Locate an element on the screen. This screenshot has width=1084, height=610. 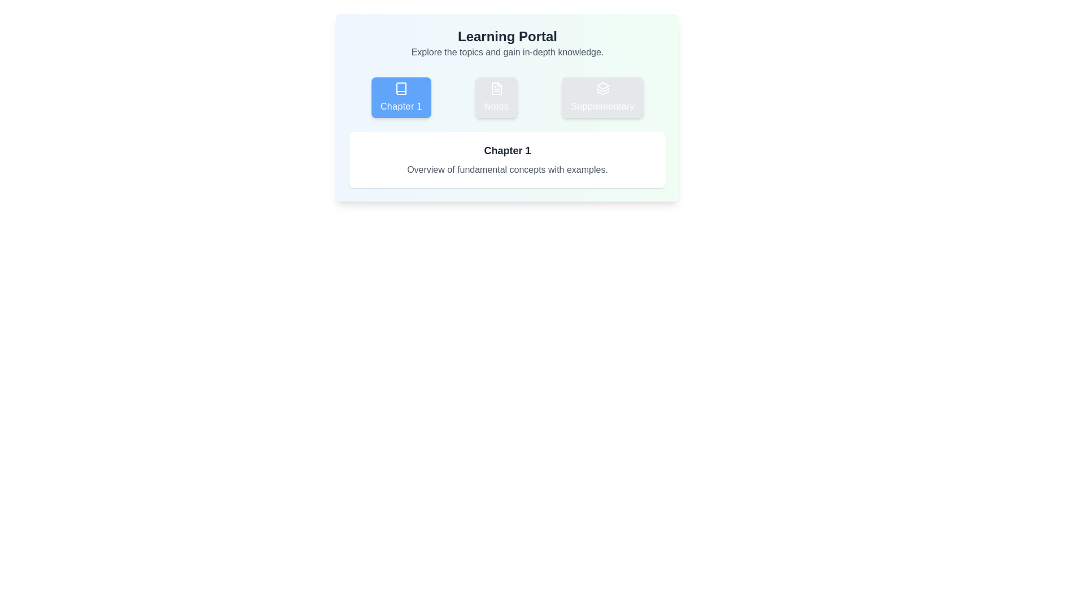
descriptive text that provides additional information about the chapter's contents, positioned below 'Chapter 1' is located at coordinates (506, 169).